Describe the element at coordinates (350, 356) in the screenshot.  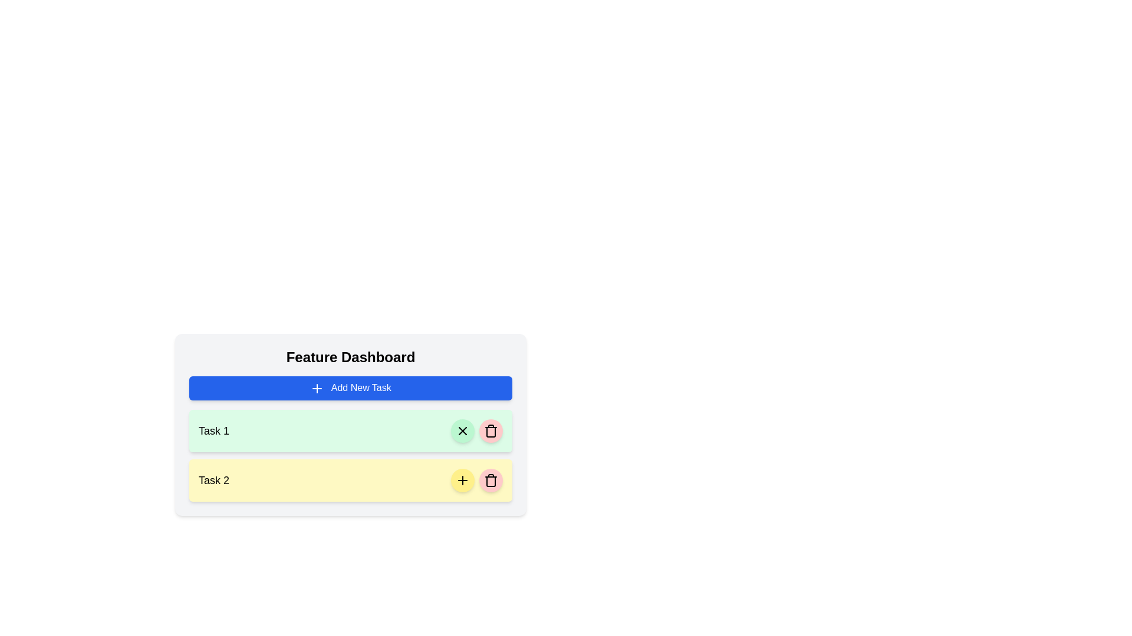
I see `the text label displaying 'Feature Dashboard', which is a bold, centered heading located at the top of a panel above the 'Add New Task' button` at that location.